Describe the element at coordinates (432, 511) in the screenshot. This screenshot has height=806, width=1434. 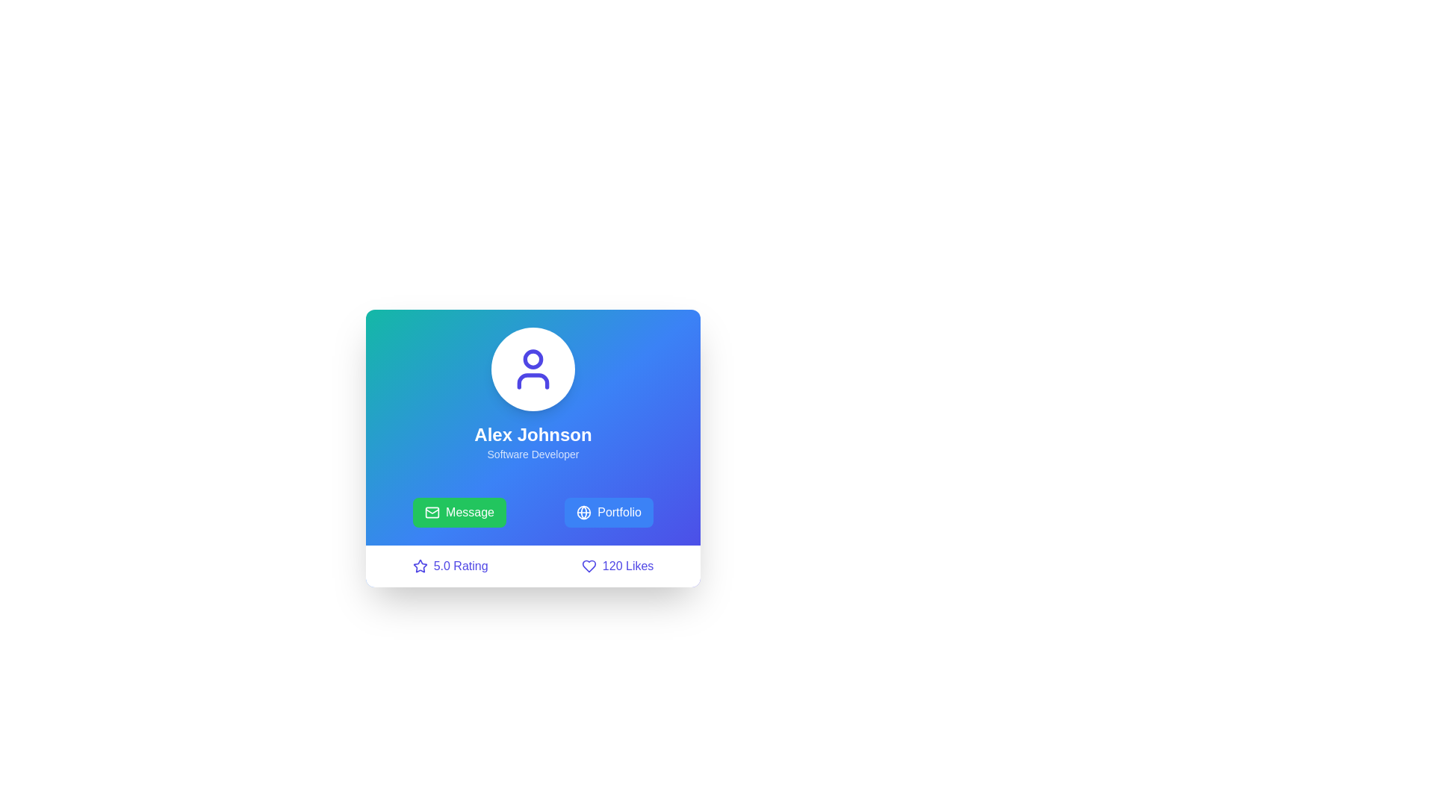
I see `the envelope icon located in the upper left corner of the green 'Message' button at the bottom of the card interface` at that location.